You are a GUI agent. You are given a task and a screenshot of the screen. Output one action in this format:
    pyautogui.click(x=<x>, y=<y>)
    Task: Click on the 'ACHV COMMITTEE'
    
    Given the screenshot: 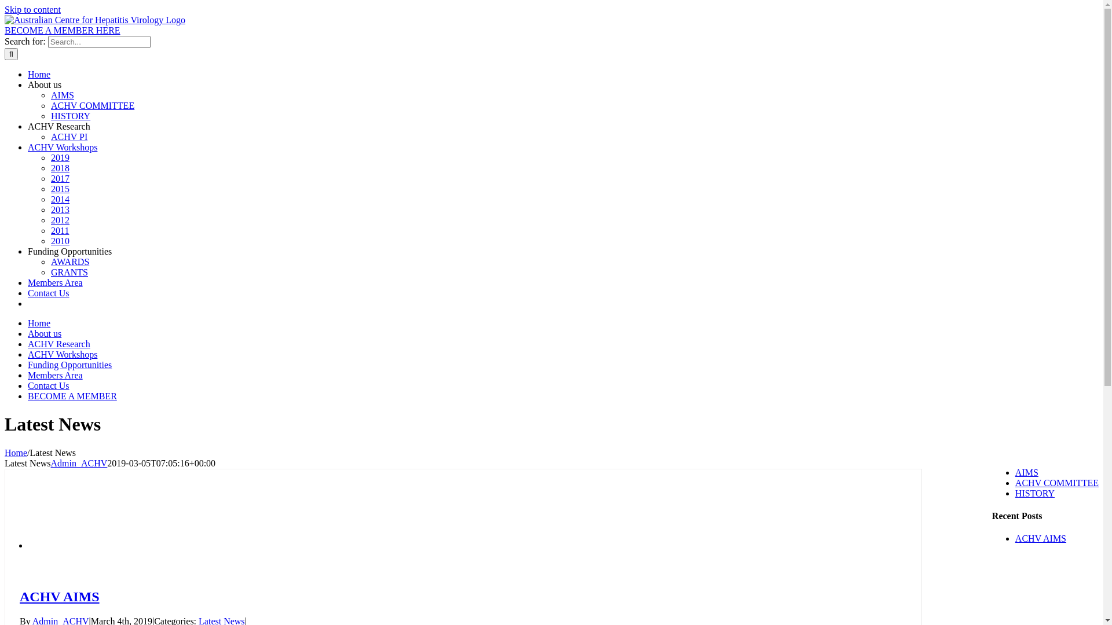 What is the action you would take?
    pyautogui.click(x=1056, y=483)
    